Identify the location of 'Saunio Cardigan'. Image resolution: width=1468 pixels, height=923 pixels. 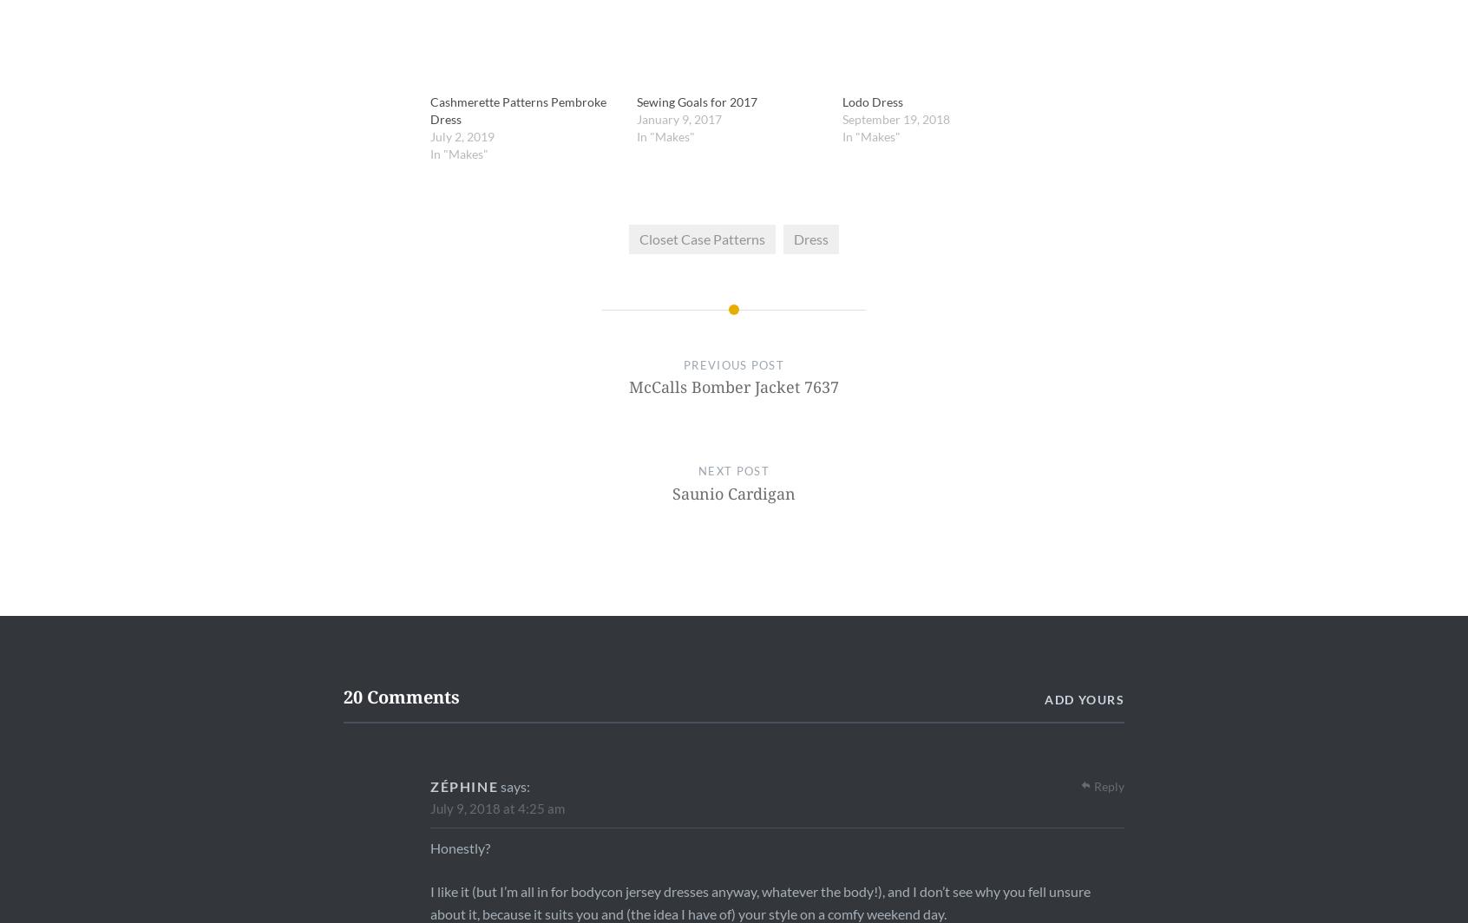
(732, 492).